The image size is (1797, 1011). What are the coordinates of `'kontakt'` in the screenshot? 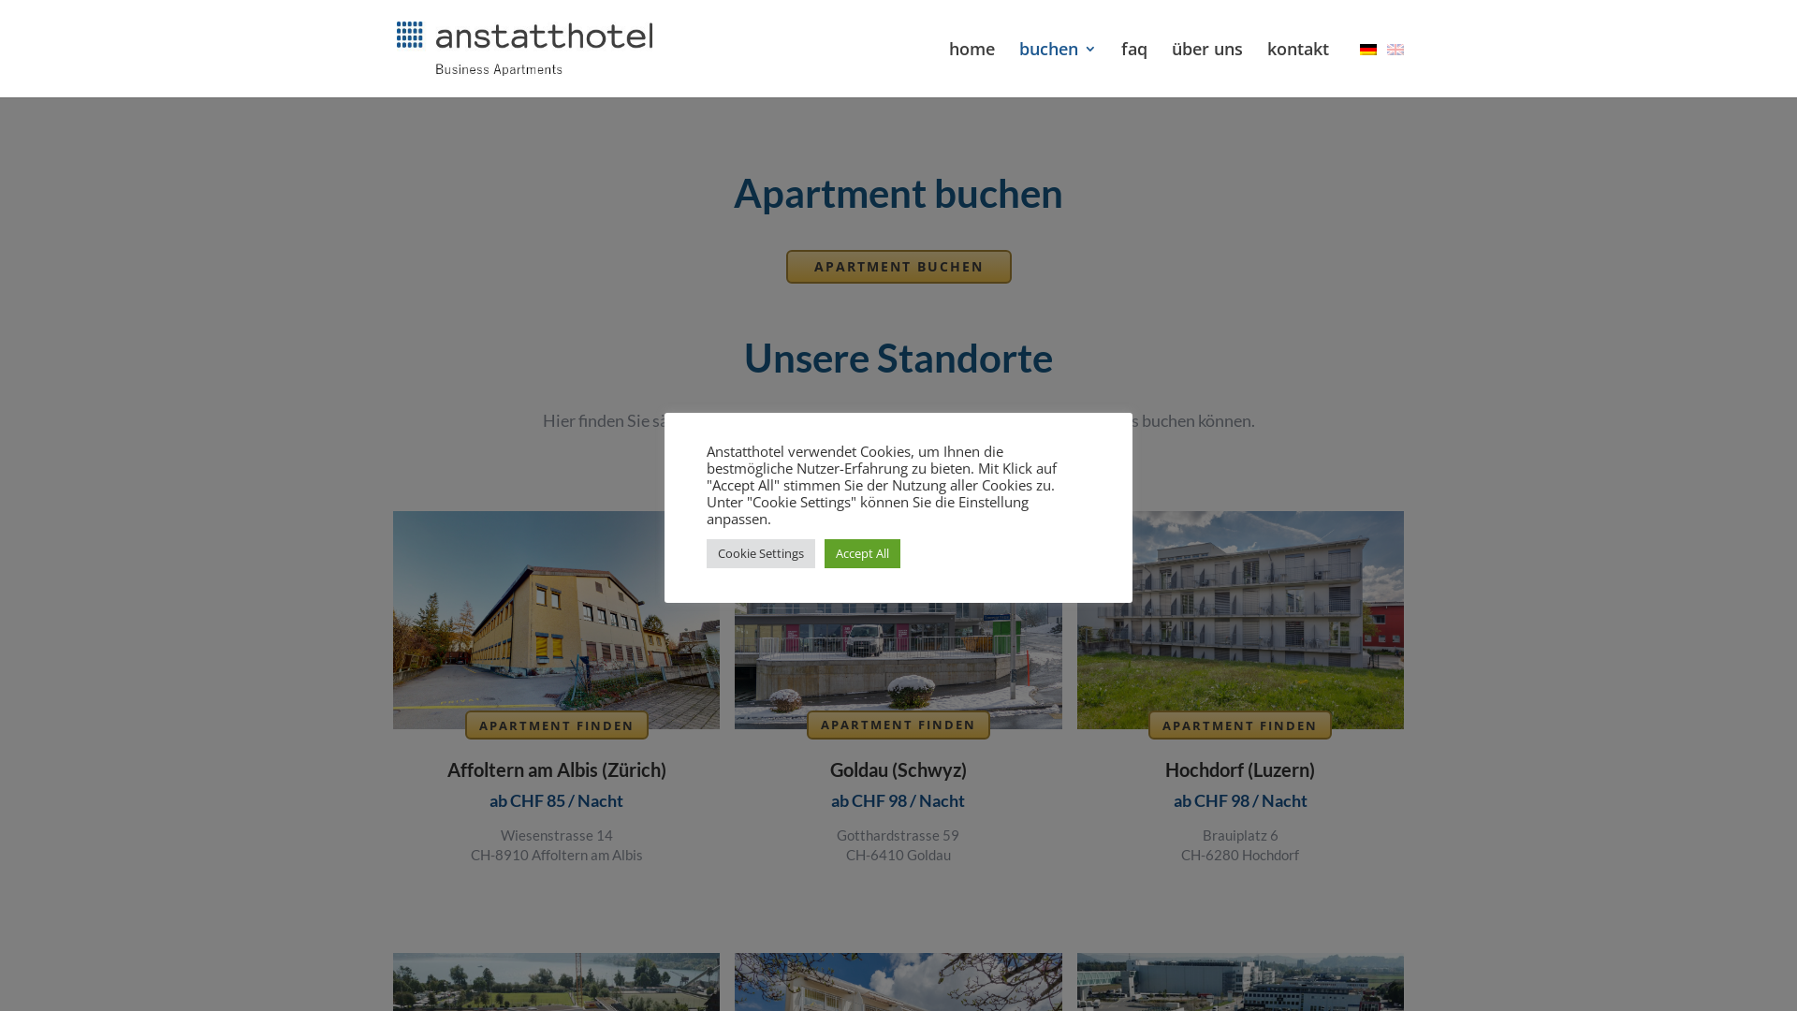 It's located at (1266, 68).